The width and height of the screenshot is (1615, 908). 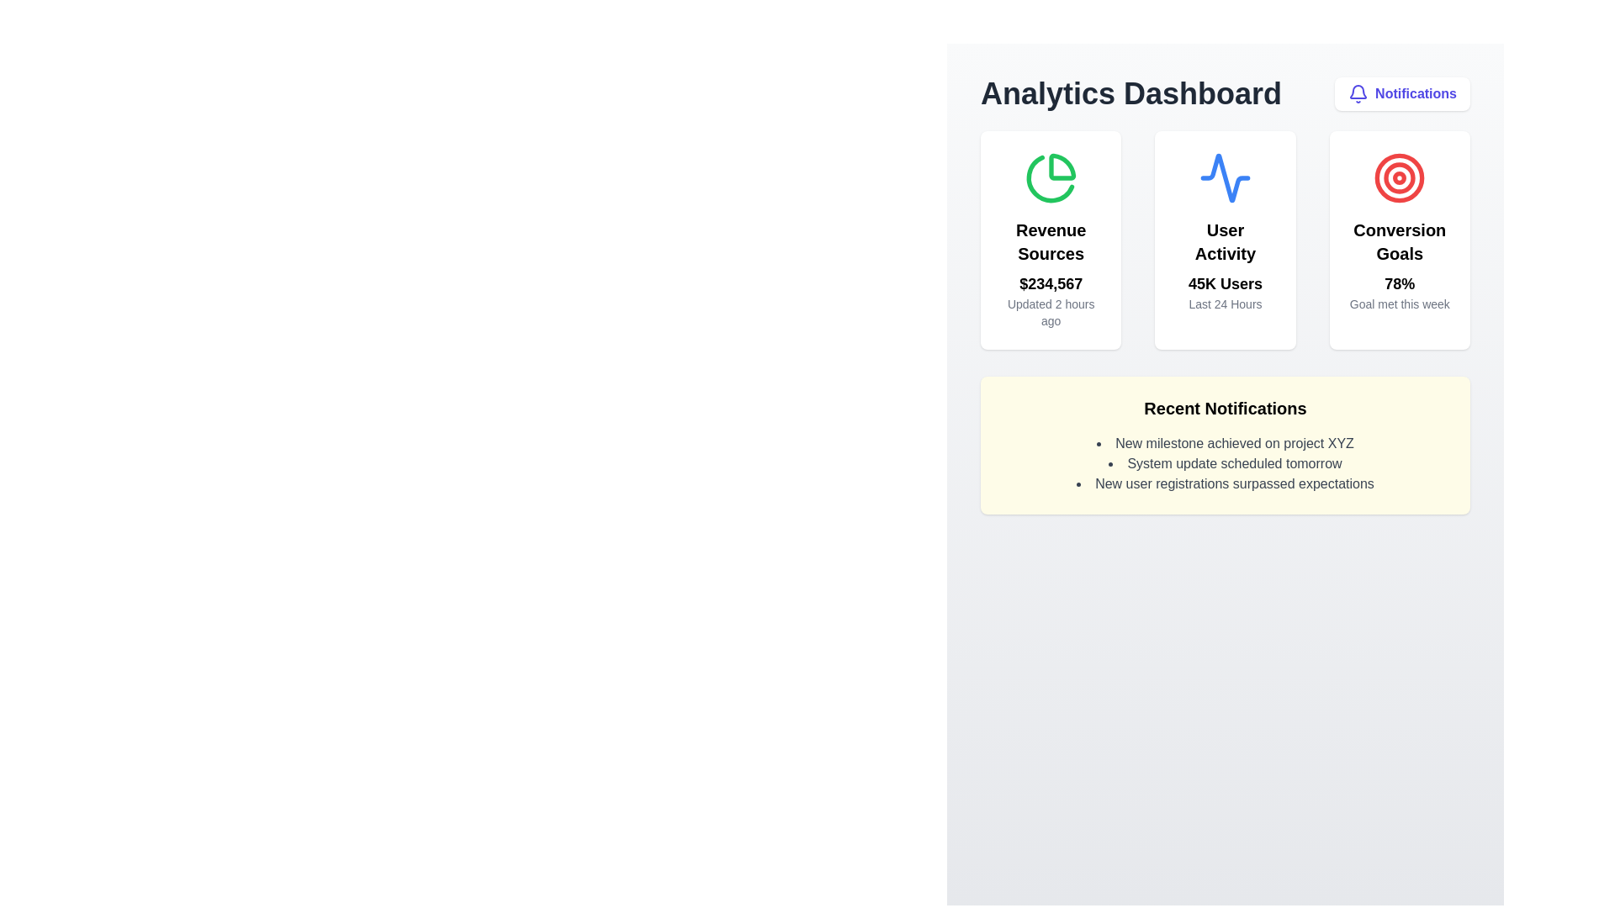 What do you see at coordinates (1400, 283) in the screenshot?
I see `the text label displaying '78%' in bold and large font style, located under the 'Conversion Goals' section of the card` at bounding box center [1400, 283].